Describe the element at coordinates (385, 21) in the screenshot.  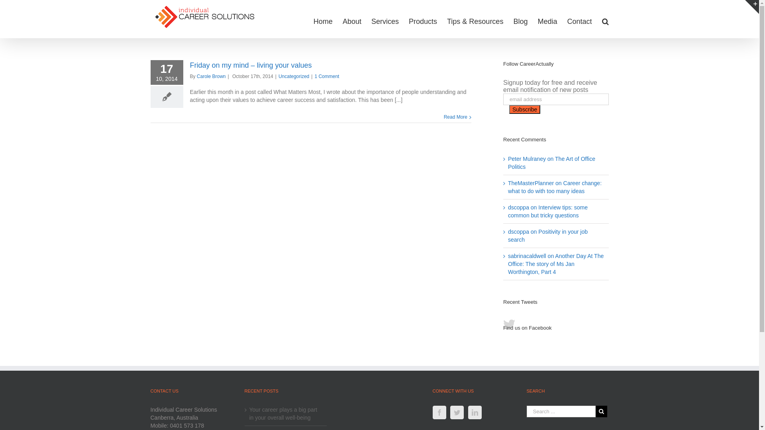
I see `'Services'` at that location.